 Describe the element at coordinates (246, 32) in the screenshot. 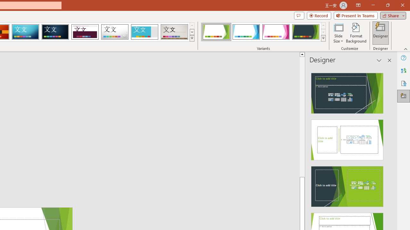

I see `'Facet Variant 2'` at that location.